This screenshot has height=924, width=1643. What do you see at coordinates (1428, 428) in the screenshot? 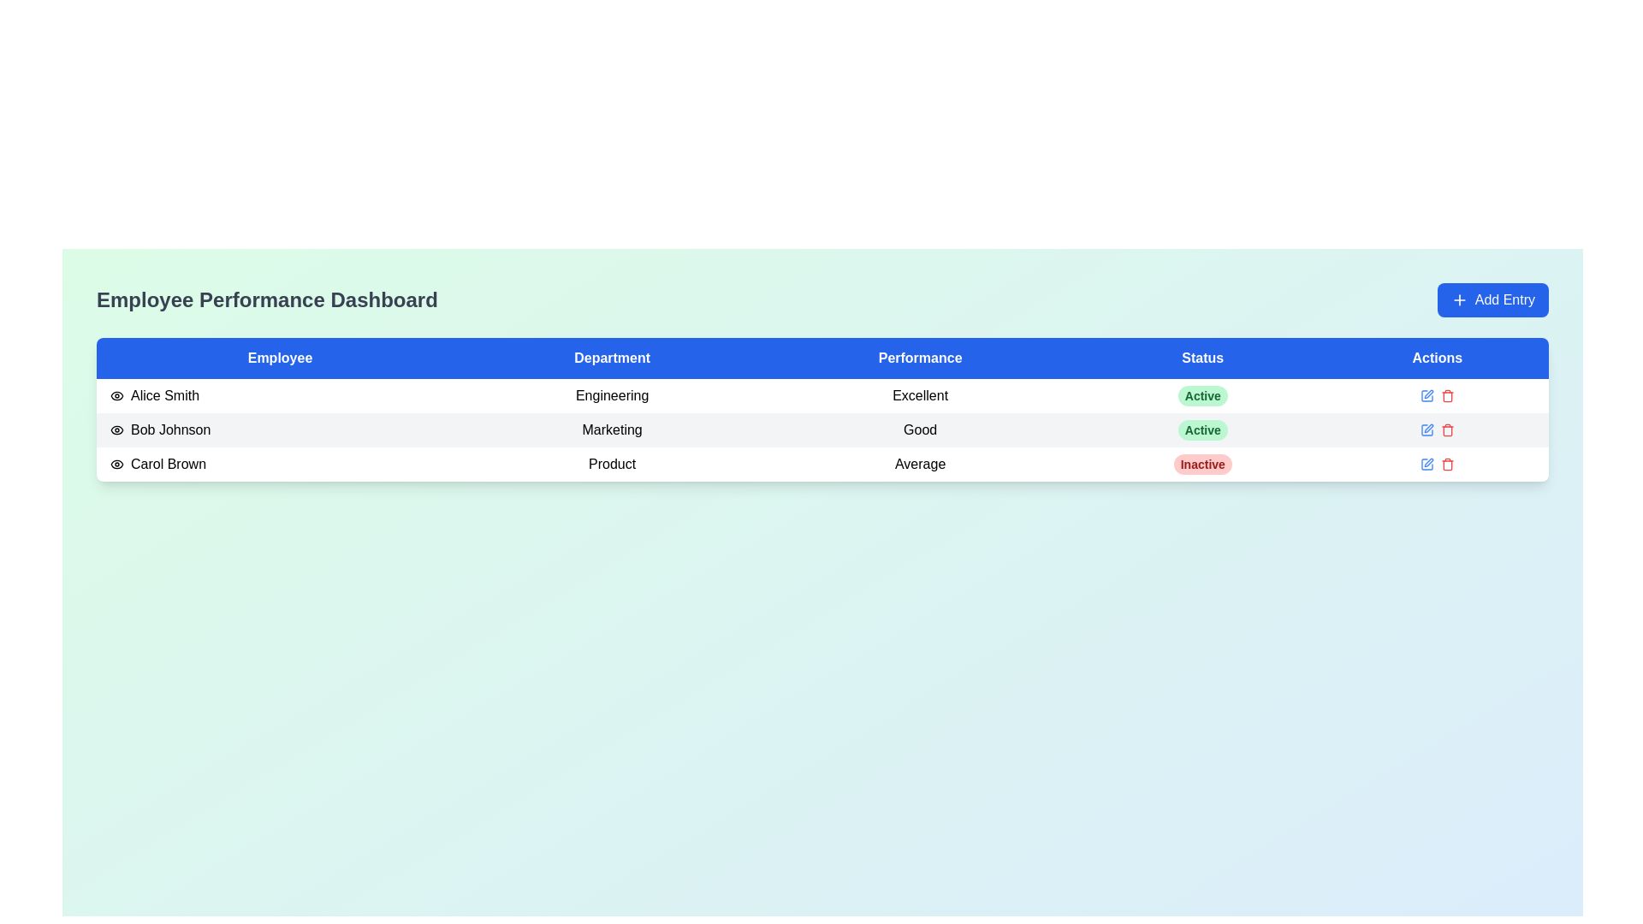
I see `the editing icon button located at the end of the 'Actions' column in the second row of the table` at bounding box center [1428, 428].